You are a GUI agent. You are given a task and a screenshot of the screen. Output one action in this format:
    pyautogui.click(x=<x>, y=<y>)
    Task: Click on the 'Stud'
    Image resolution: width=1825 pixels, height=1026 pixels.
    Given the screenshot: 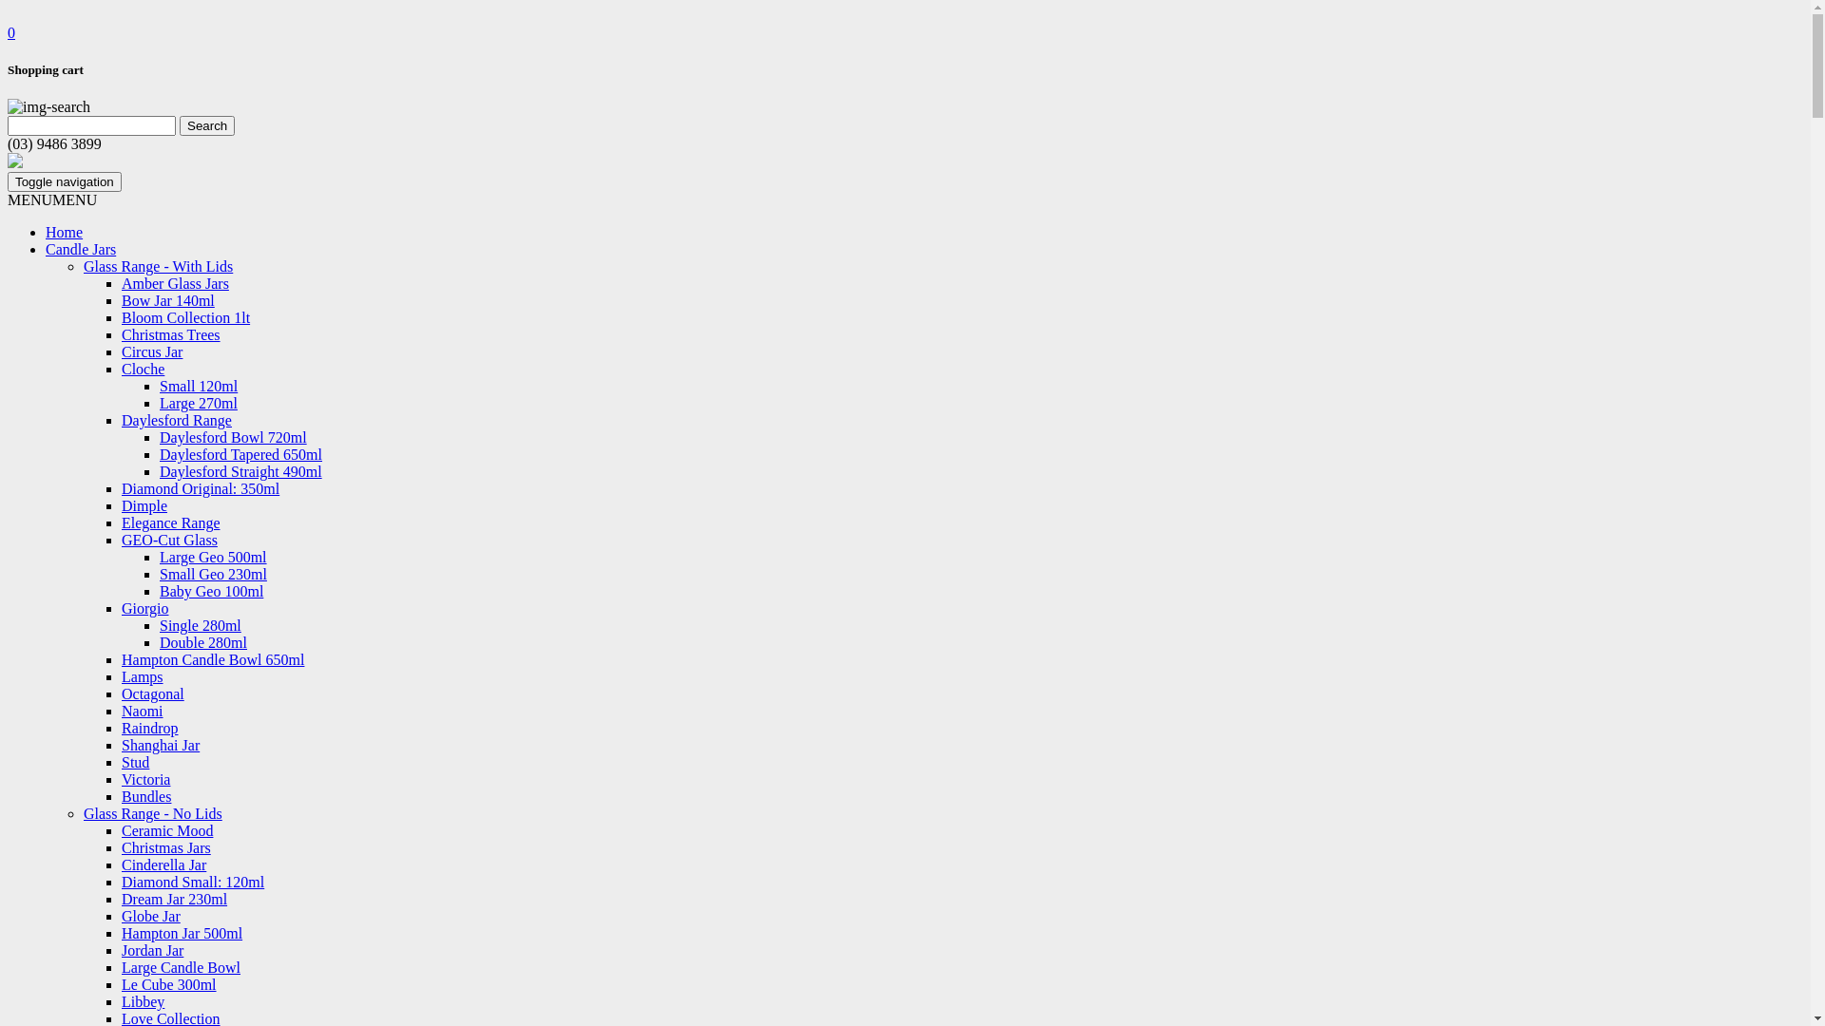 What is the action you would take?
    pyautogui.click(x=134, y=761)
    